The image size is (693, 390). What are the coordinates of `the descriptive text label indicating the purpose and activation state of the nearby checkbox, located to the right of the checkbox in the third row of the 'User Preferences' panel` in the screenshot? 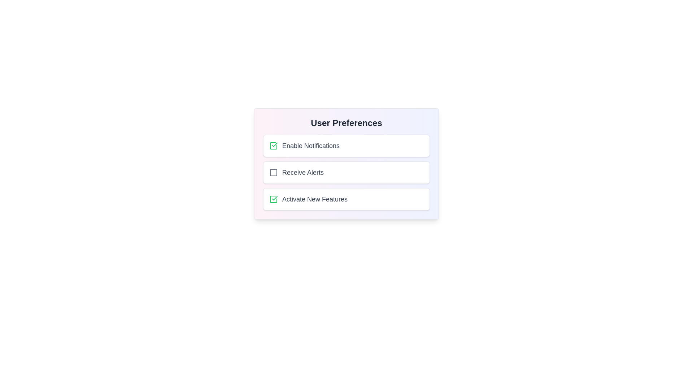 It's located at (315, 199).